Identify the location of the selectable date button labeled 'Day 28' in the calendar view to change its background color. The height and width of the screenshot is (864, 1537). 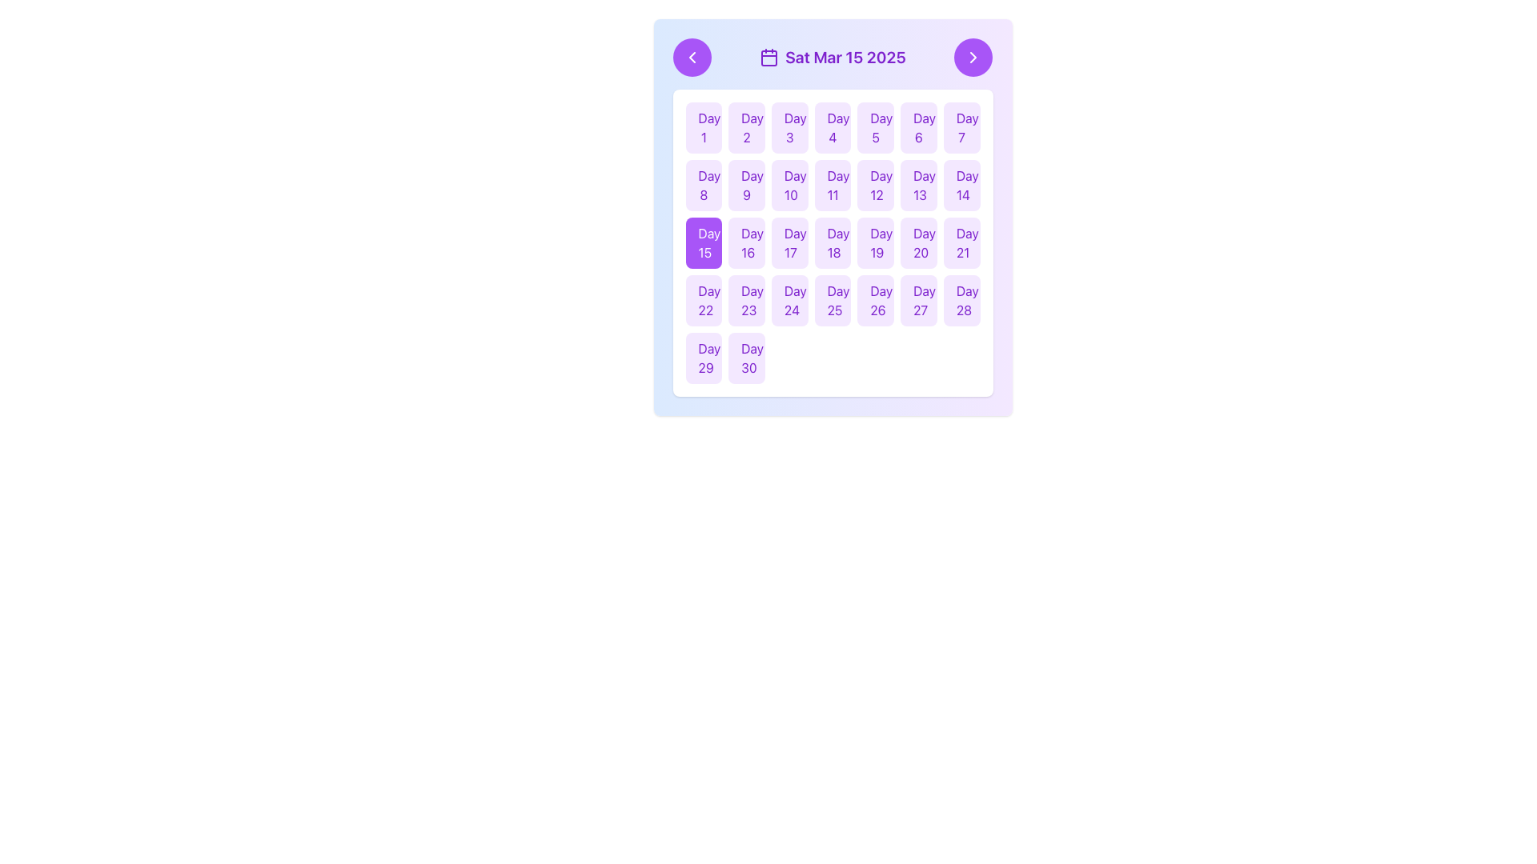
(961, 300).